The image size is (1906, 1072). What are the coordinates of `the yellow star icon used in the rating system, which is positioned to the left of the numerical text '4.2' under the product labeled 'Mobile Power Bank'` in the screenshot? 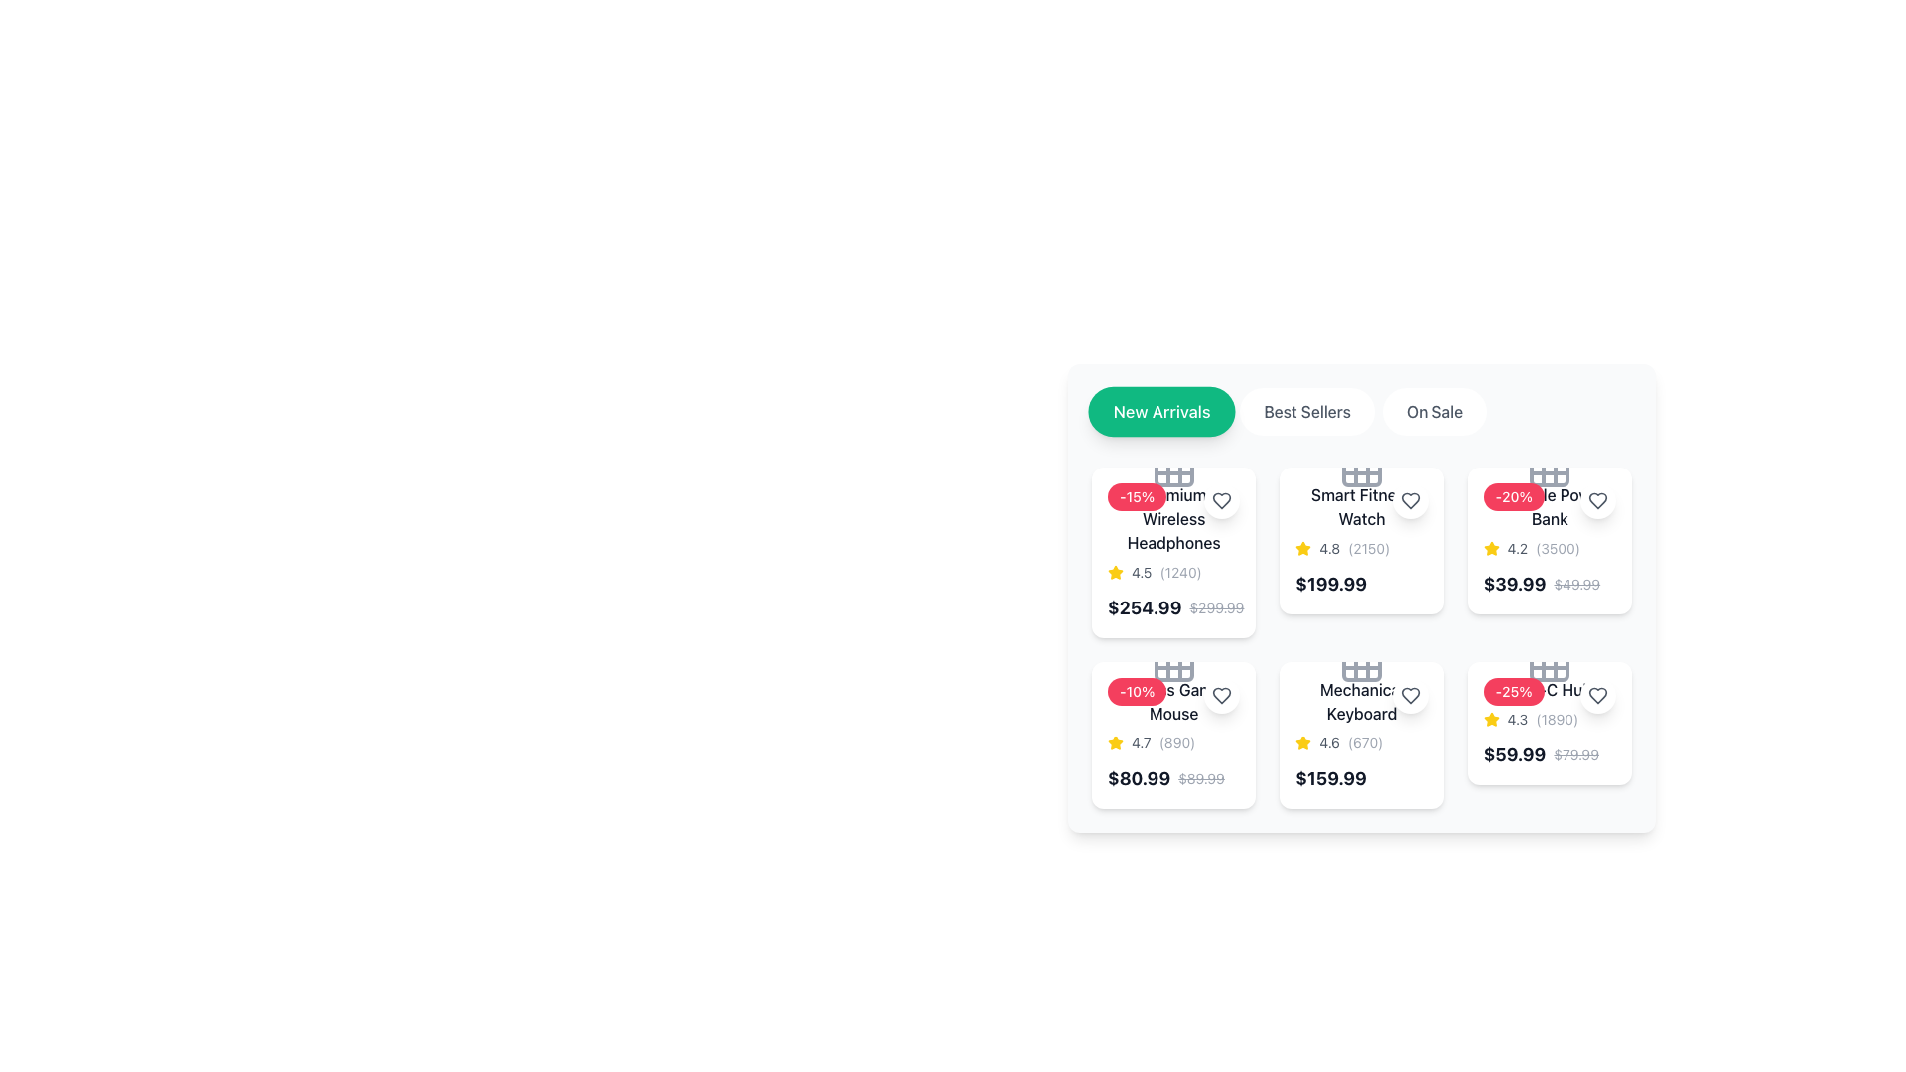 It's located at (1491, 548).